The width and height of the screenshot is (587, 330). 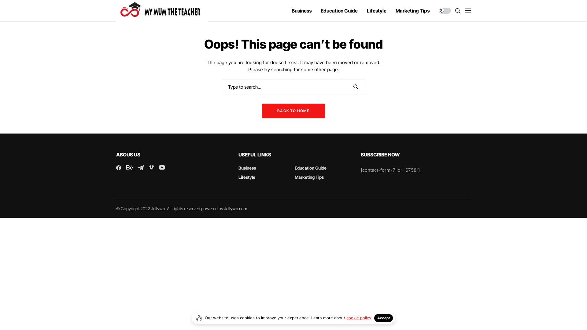 I want to click on 'Marketing Tips', so click(x=309, y=177).